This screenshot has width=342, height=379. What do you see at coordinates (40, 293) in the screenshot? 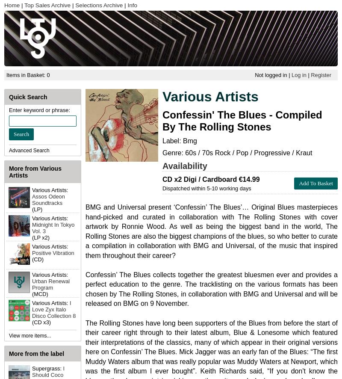
I see `'(MCD)'` at bounding box center [40, 293].